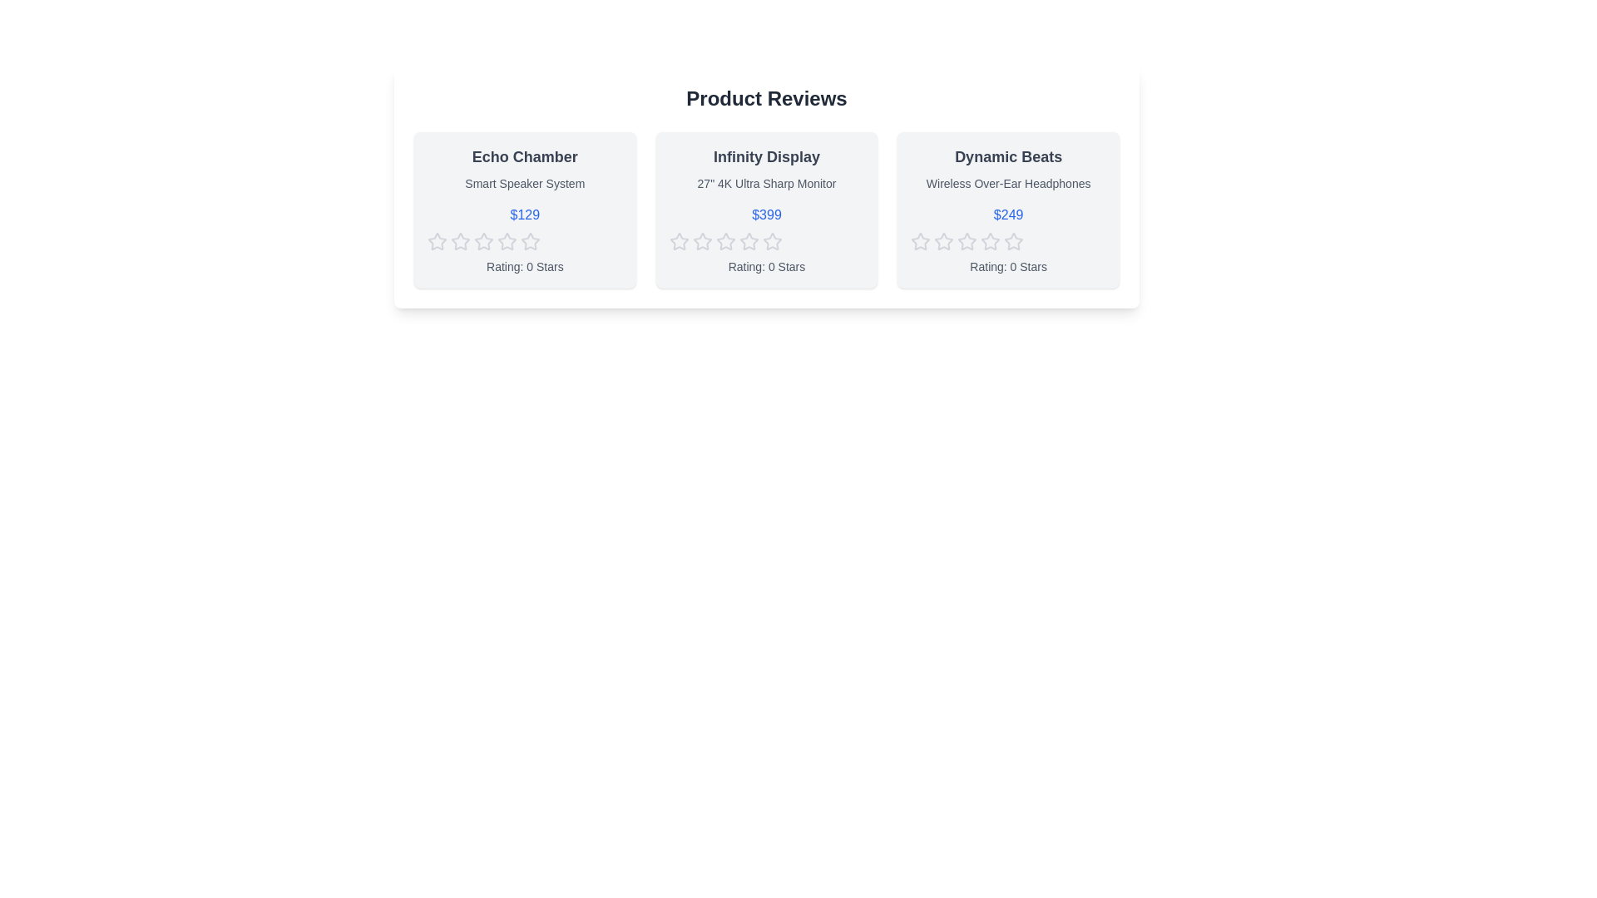  What do you see at coordinates (460, 241) in the screenshot?
I see `the second star icon` at bounding box center [460, 241].